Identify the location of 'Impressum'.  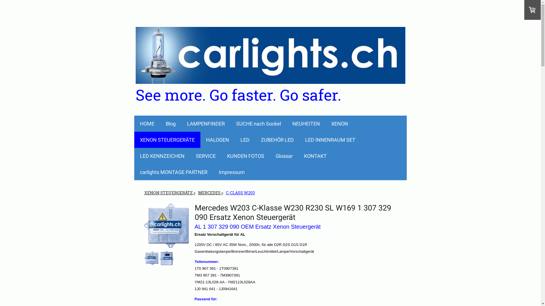
(231, 172).